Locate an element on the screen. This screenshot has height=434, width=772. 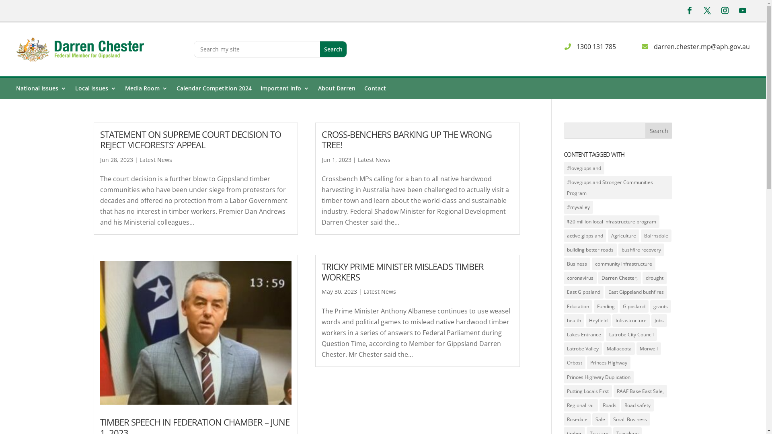
'1300 131 785' is located at coordinates (578, 46).